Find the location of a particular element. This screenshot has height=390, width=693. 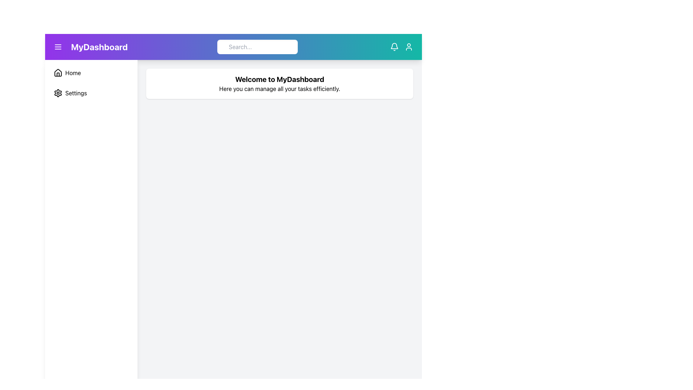

the 'Home' icon located in the upper-left sidebar of the application for accessibility purposes is located at coordinates (58, 72).